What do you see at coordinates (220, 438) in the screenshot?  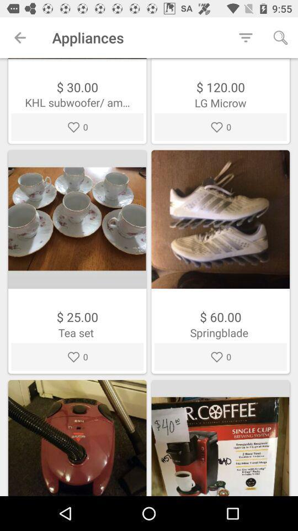 I see `the second right image` at bounding box center [220, 438].